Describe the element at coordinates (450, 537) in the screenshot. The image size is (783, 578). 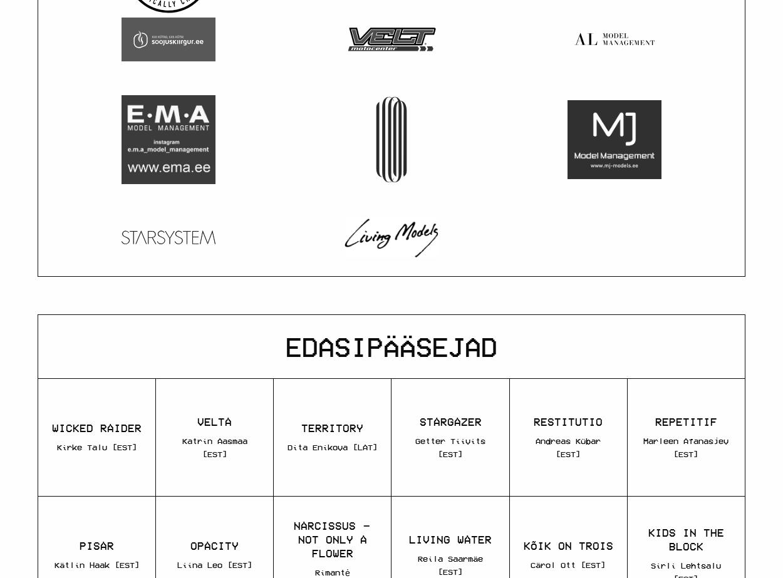
I see `'LIVING WATER'` at that location.